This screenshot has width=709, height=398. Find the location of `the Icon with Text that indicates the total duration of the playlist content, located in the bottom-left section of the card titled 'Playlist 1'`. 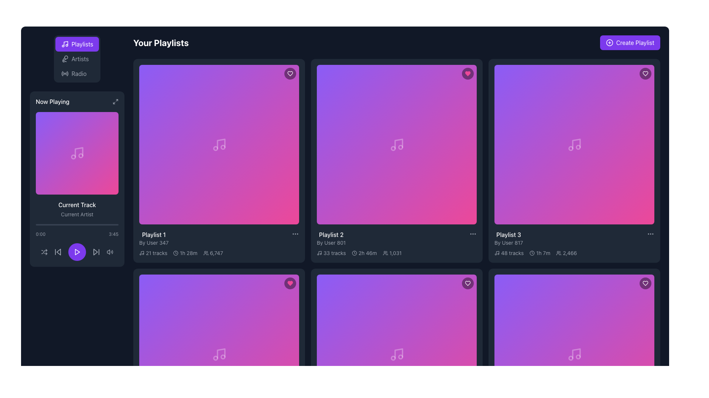

the Icon with Text that indicates the total duration of the playlist content, located in the bottom-left section of the card titled 'Playlist 1' is located at coordinates (185, 252).